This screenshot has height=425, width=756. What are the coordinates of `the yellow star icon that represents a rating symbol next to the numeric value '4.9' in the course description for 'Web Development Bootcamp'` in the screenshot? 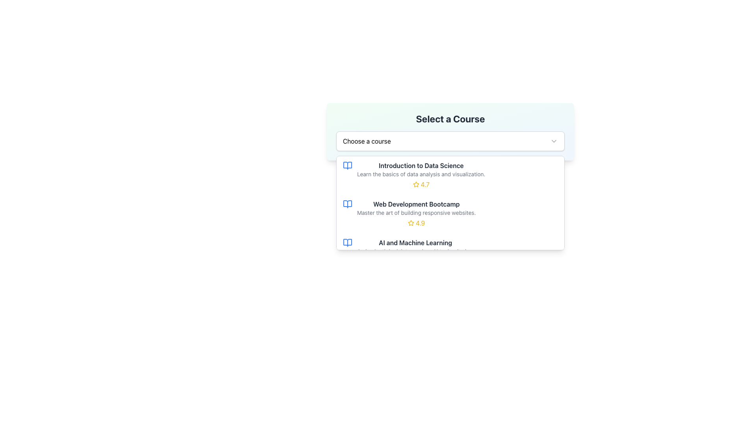 It's located at (411, 223).